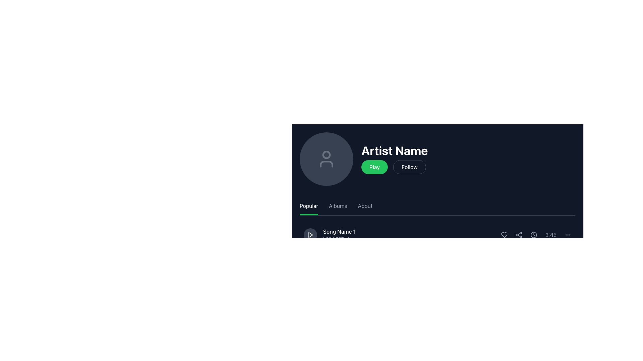  I want to click on the 'Follow' button, which is a dark-colored rounded rectangular button with a white border change effect, located near the top-right section of the artist's profile, so click(409, 167).